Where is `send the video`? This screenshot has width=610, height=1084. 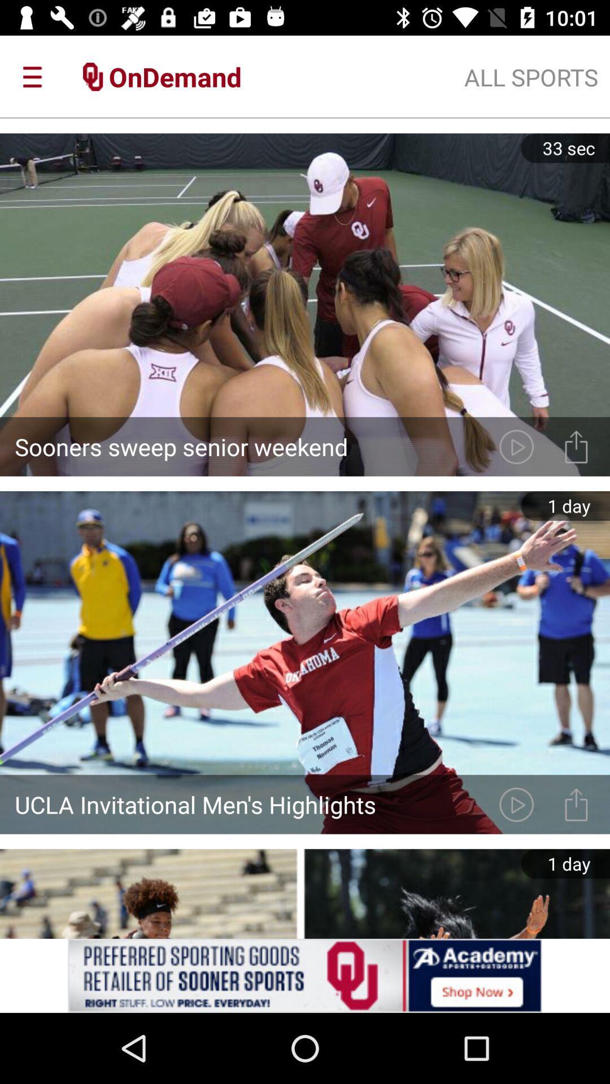
send the video is located at coordinates (576, 804).